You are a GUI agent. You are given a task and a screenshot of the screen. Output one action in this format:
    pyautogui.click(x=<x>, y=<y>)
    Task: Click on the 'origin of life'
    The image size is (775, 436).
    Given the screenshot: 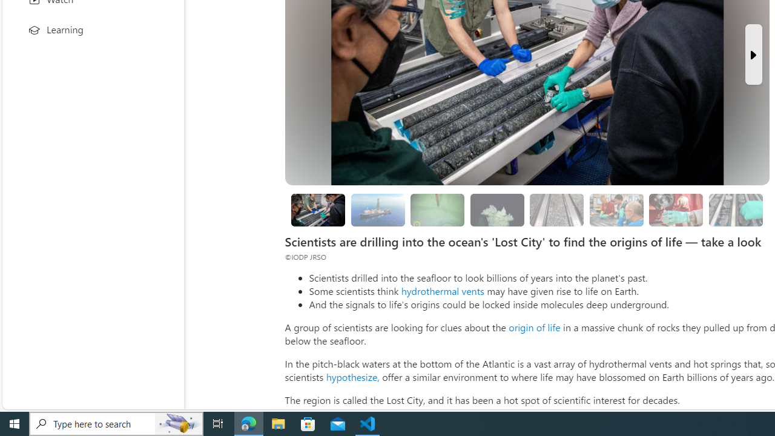 What is the action you would take?
    pyautogui.click(x=533, y=327)
    